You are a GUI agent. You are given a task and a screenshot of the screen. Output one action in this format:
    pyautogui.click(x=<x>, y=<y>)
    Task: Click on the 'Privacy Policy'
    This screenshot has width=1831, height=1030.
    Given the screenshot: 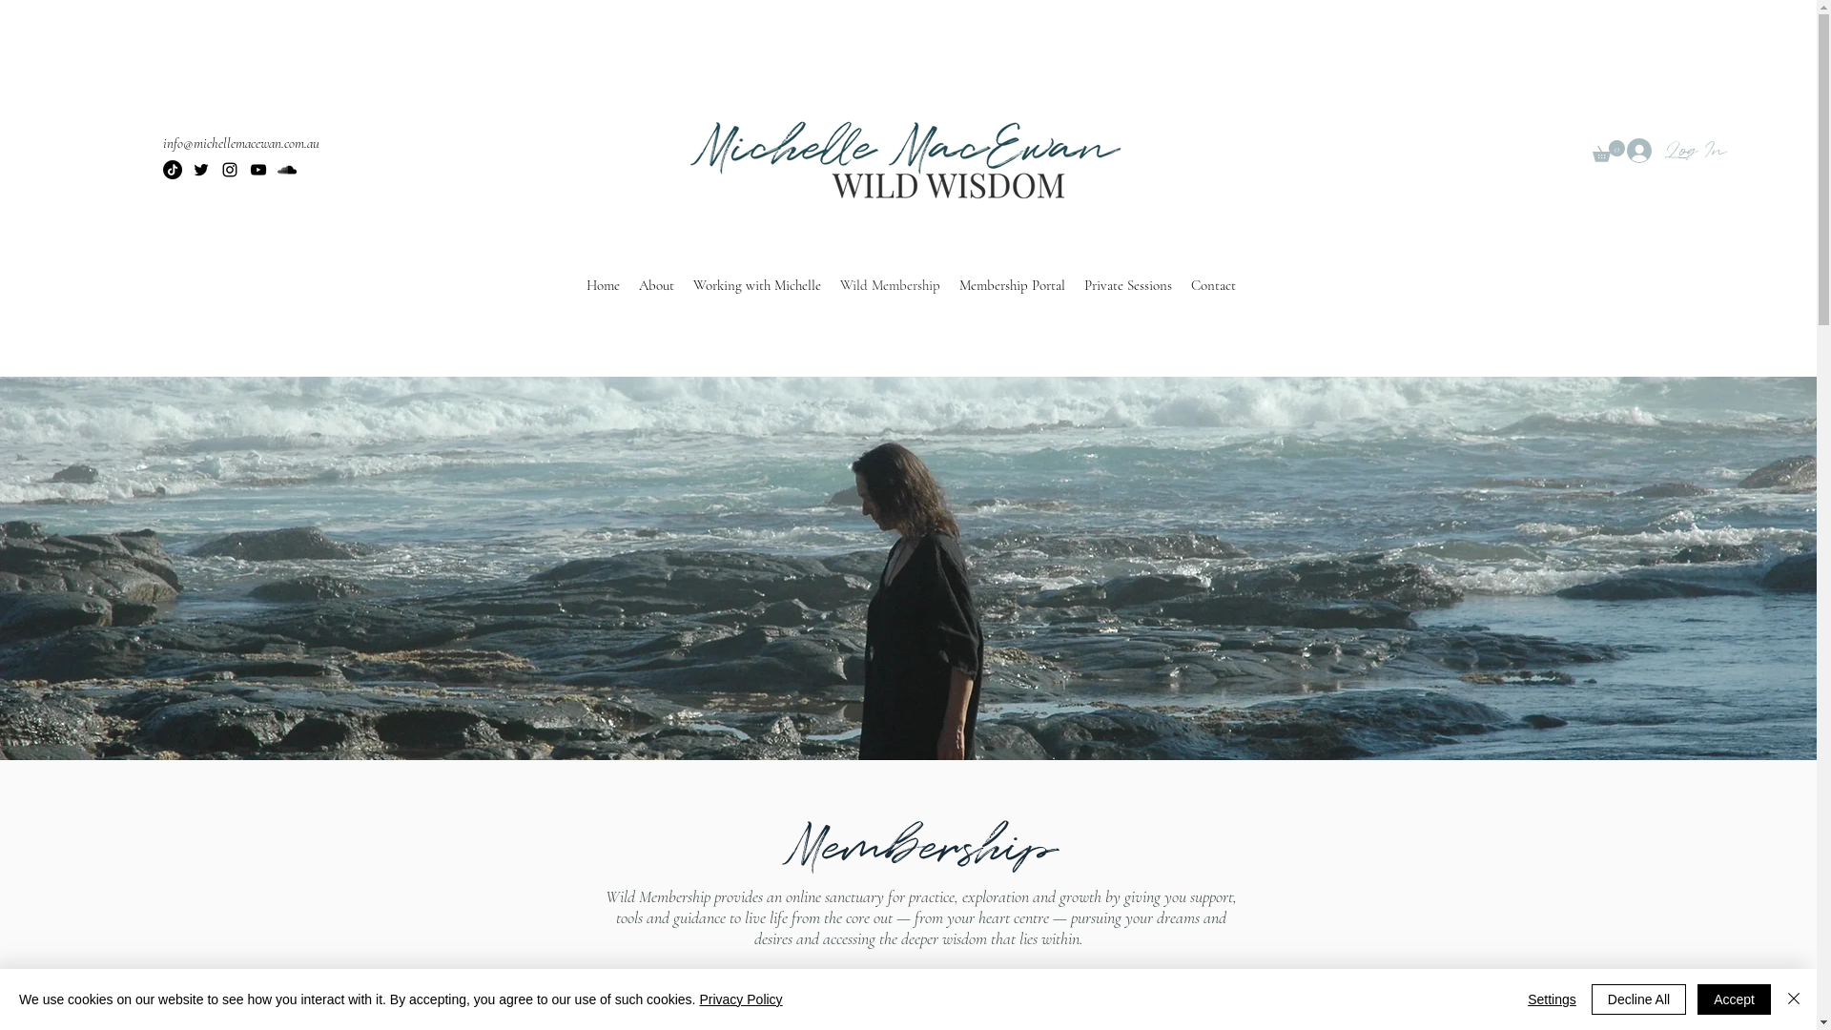 What is the action you would take?
    pyautogui.click(x=739, y=999)
    